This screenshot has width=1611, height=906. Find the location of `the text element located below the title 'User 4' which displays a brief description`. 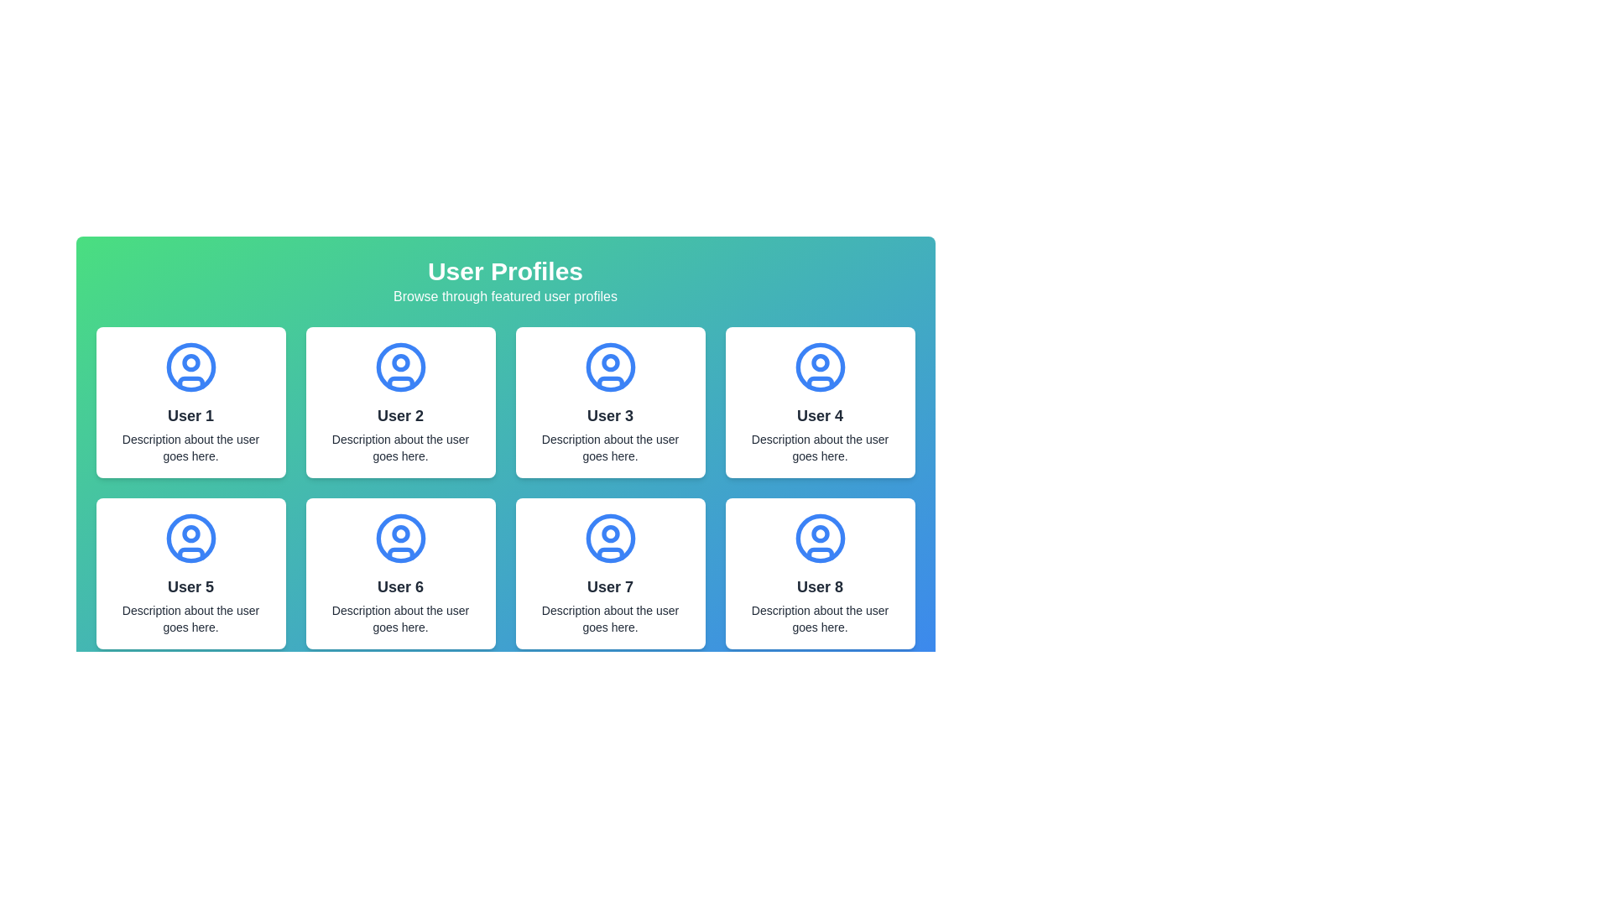

the text element located below the title 'User 4' which displays a brief description is located at coordinates (820, 446).